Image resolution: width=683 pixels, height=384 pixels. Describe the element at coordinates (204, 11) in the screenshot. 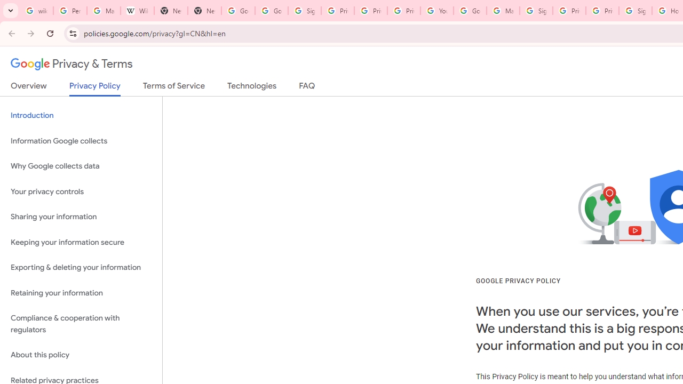

I see `'New Tab'` at that location.